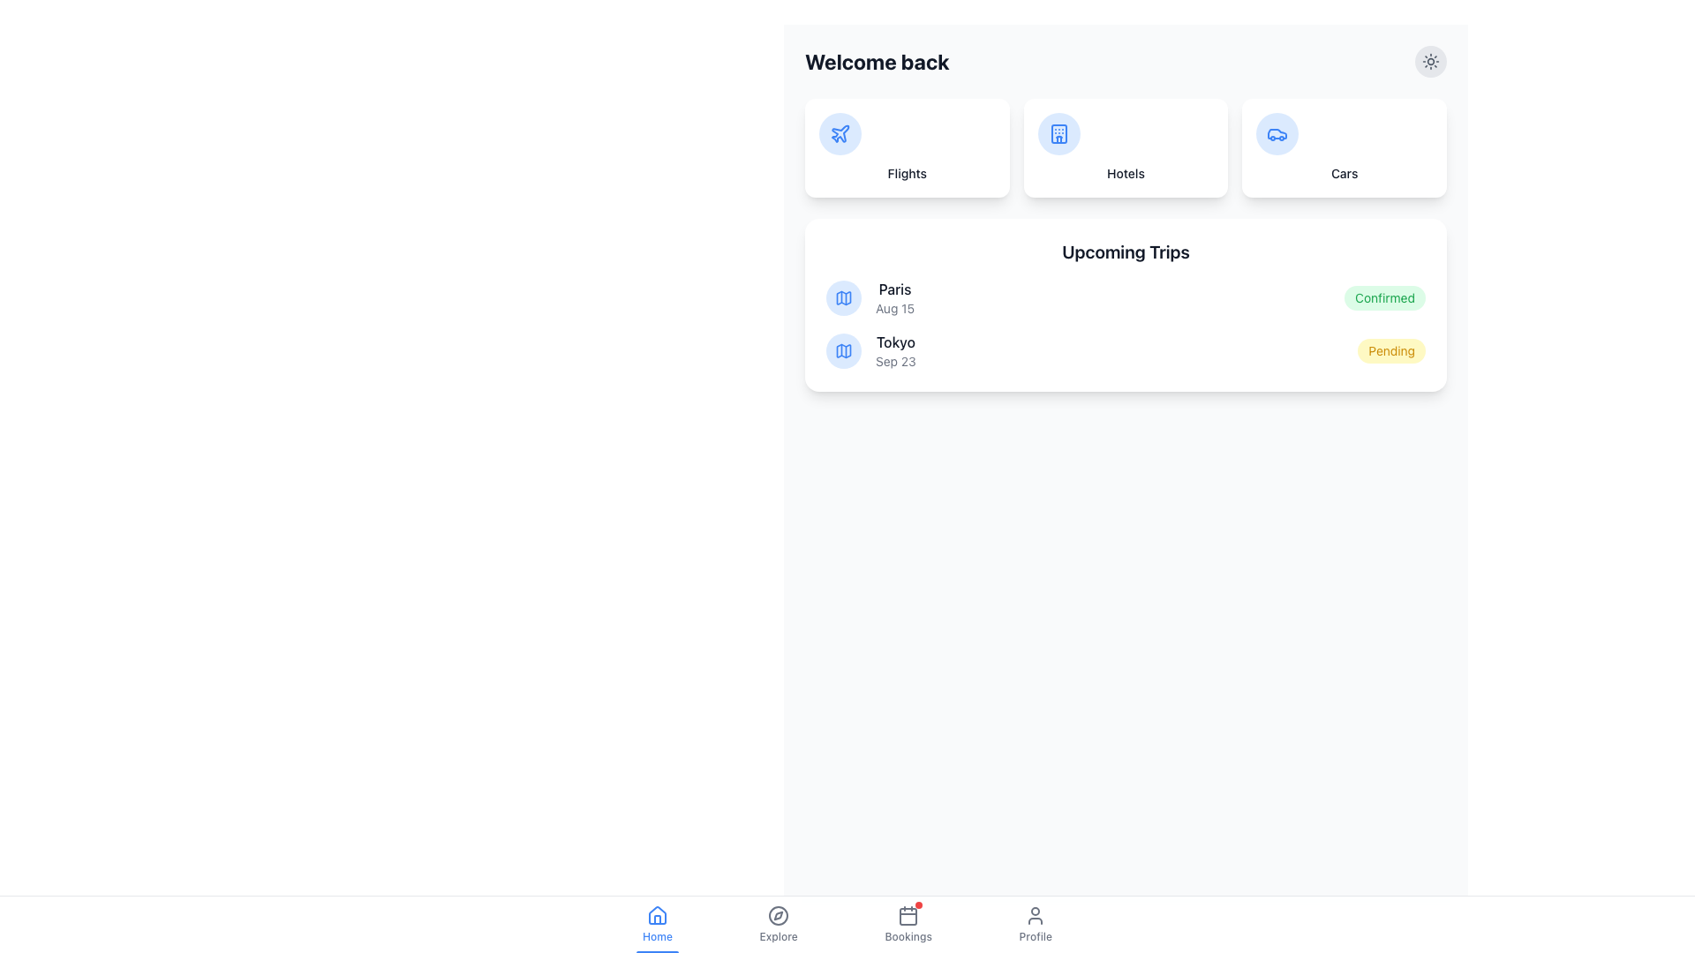 Image resolution: width=1695 pixels, height=953 pixels. Describe the element at coordinates (842, 350) in the screenshot. I see `the circular blue icon with a map symbol located in the second entry of the 'Upcoming Trips' list, positioned to the left of the text 'Tokyo' and 'Sep 23'` at that location.